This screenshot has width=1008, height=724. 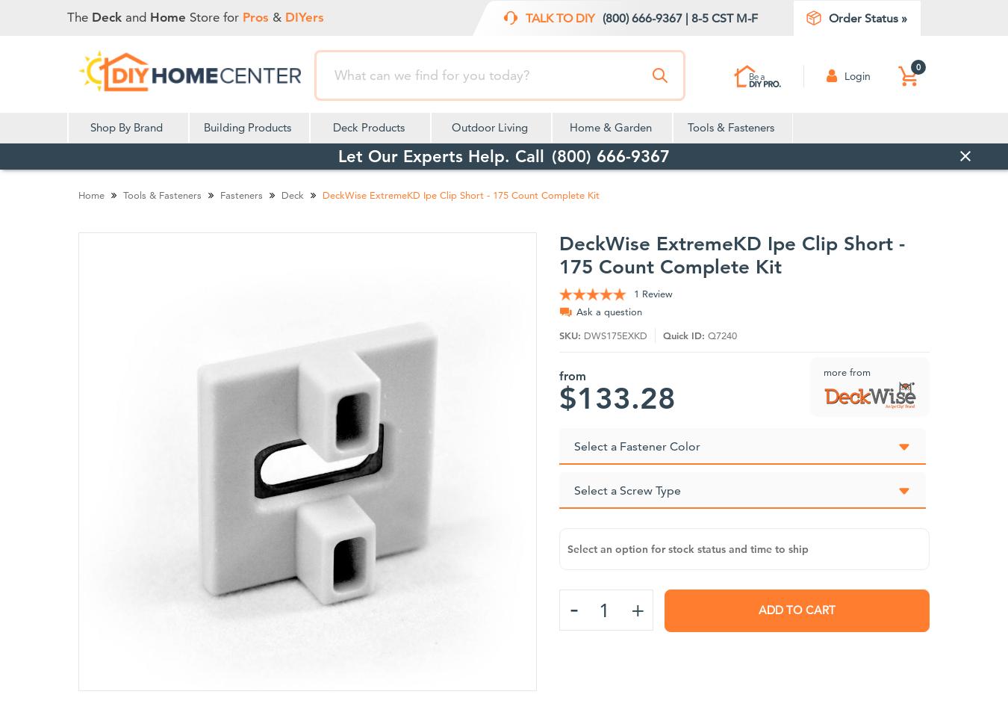 What do you see at coordinates (573, 607) in the screenshot?
I see `'-'` at bounding box center [573, 607].